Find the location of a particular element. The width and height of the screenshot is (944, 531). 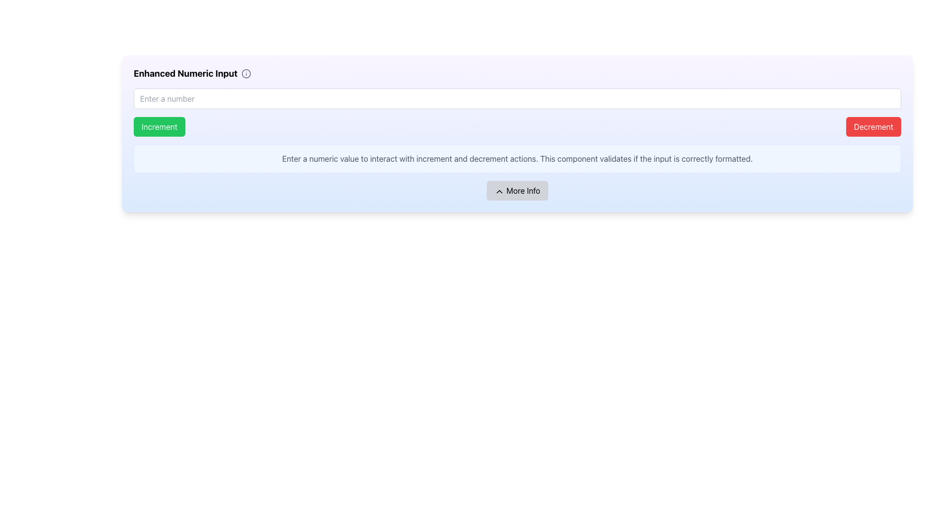

the circular icon with a light gray outline and an information symbol, located to the right of the text 'Enhanced Numeric Input' is located at coordinates (246, 73).